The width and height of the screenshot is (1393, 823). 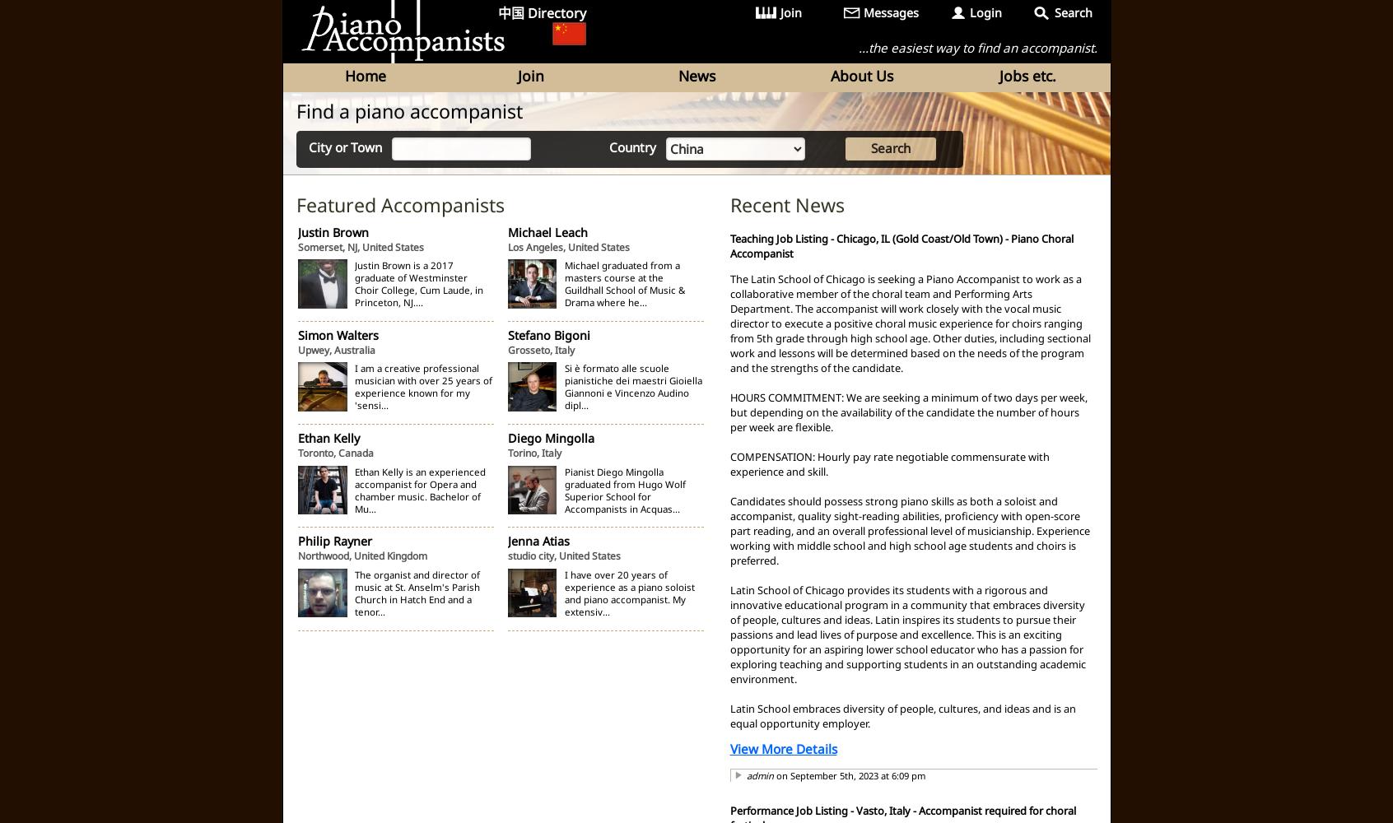 I want to click on 'Somerset, NJ, United States', so click(x=360, y=246).